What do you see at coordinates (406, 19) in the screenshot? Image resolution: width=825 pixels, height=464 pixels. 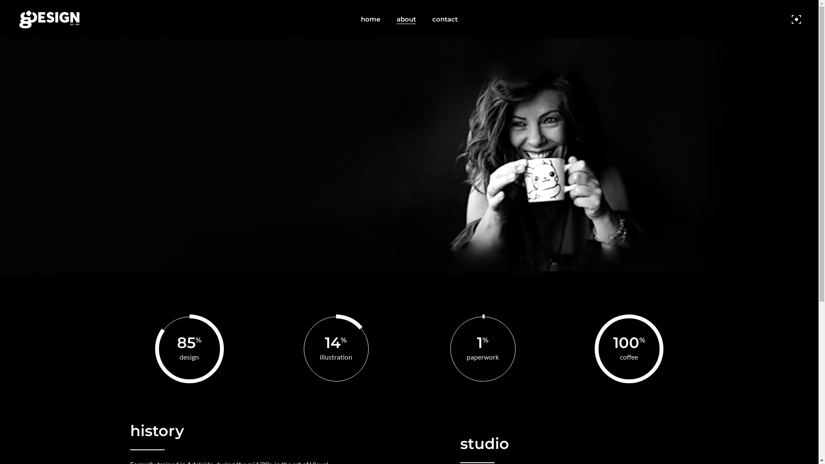 I see `'about'` at bounding box center [406, 19].